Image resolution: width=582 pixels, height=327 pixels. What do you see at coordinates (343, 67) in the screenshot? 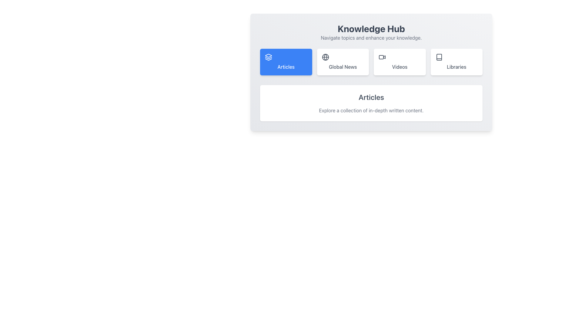
I see `text content located at the bottom-center of the interactive card, below the globe icon` at bounding box center [343, 67].